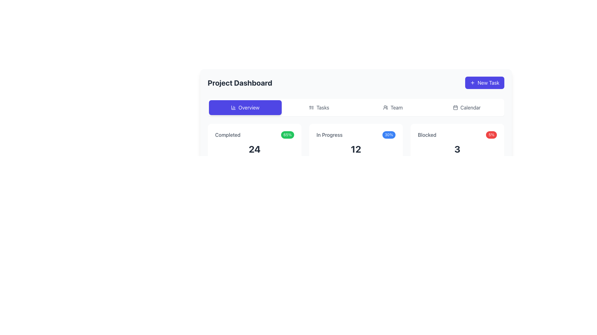 This screenshot has width=597, height=335. I want to click on the completion percentage label located at the top-right corner of the 'Completed' section, to the right of the text 'Completed' and above the number '24', so click(287, 135).